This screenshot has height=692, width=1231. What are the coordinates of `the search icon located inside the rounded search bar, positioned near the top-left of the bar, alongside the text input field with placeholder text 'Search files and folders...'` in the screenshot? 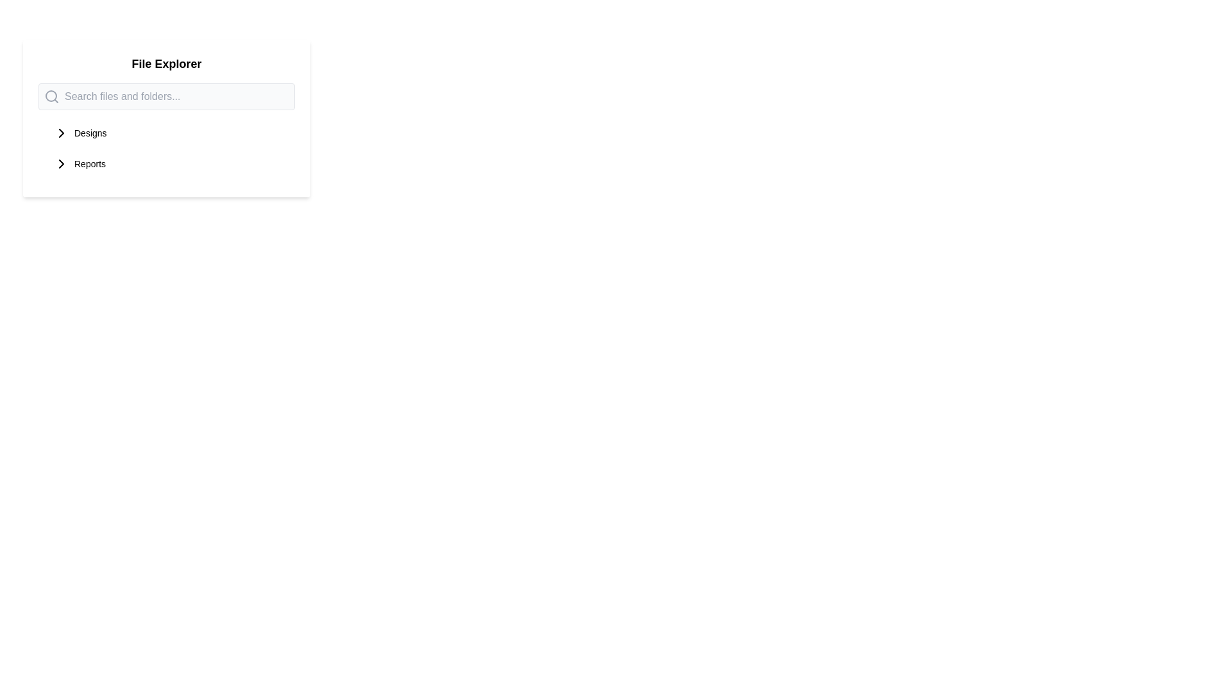 It's located at (51, 95).